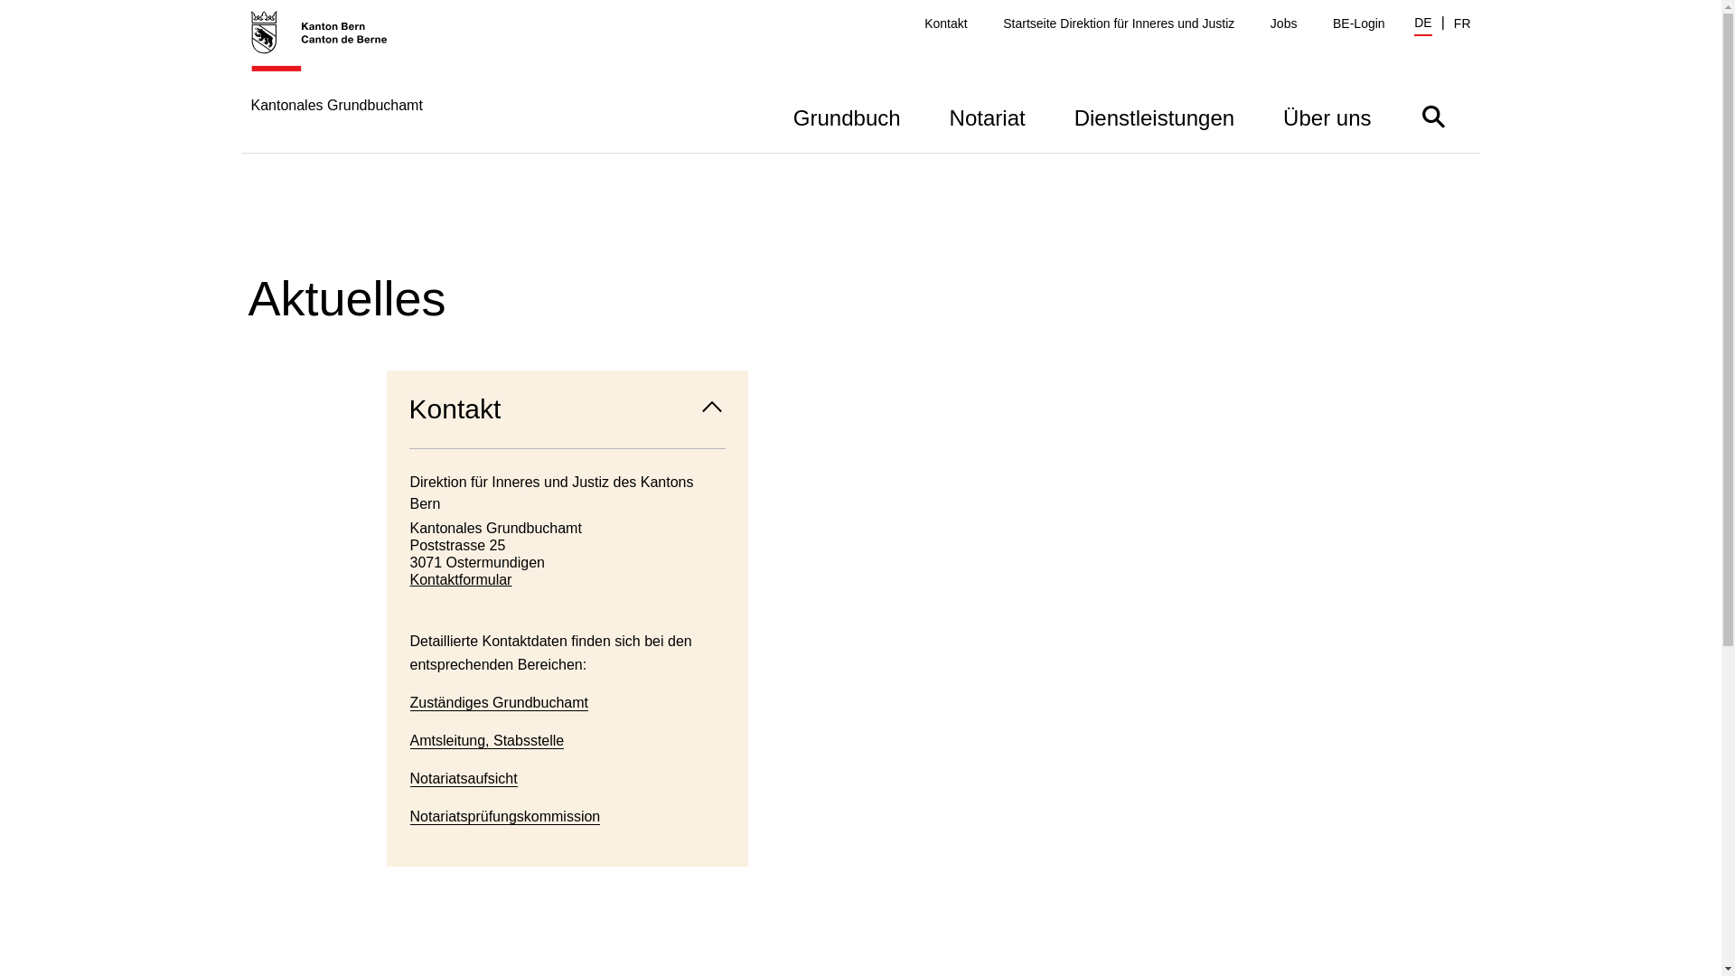 Image resolution: width=1735 pixels, height=976 pixels. What do you see at coordinates (944, 23) in the screenshot?
I see `'Kontakt'` at bounding box center [944, 23].